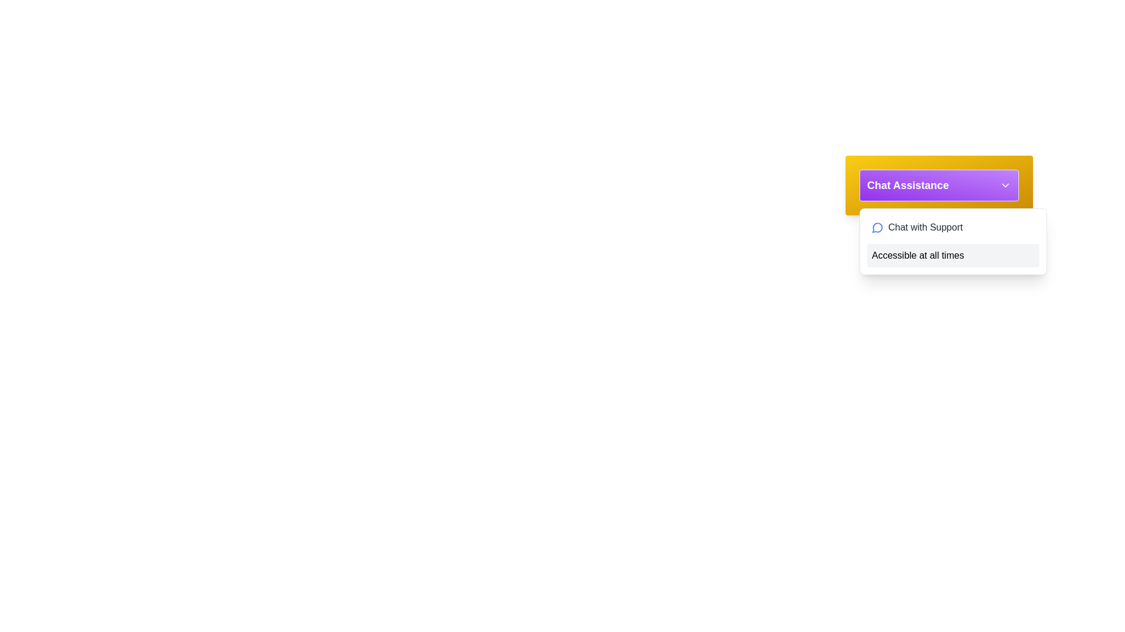 The width and height of the screenshot is (1125, 632). What do you see at coordinates (953, 255) in the screenshot?
I see `the rectangular text component with a light-gray background that contains the text 'Accessible at all times', which is positioned below the 'Chat with Support' text in the dropdown menu` at bounding box center [953, 255].